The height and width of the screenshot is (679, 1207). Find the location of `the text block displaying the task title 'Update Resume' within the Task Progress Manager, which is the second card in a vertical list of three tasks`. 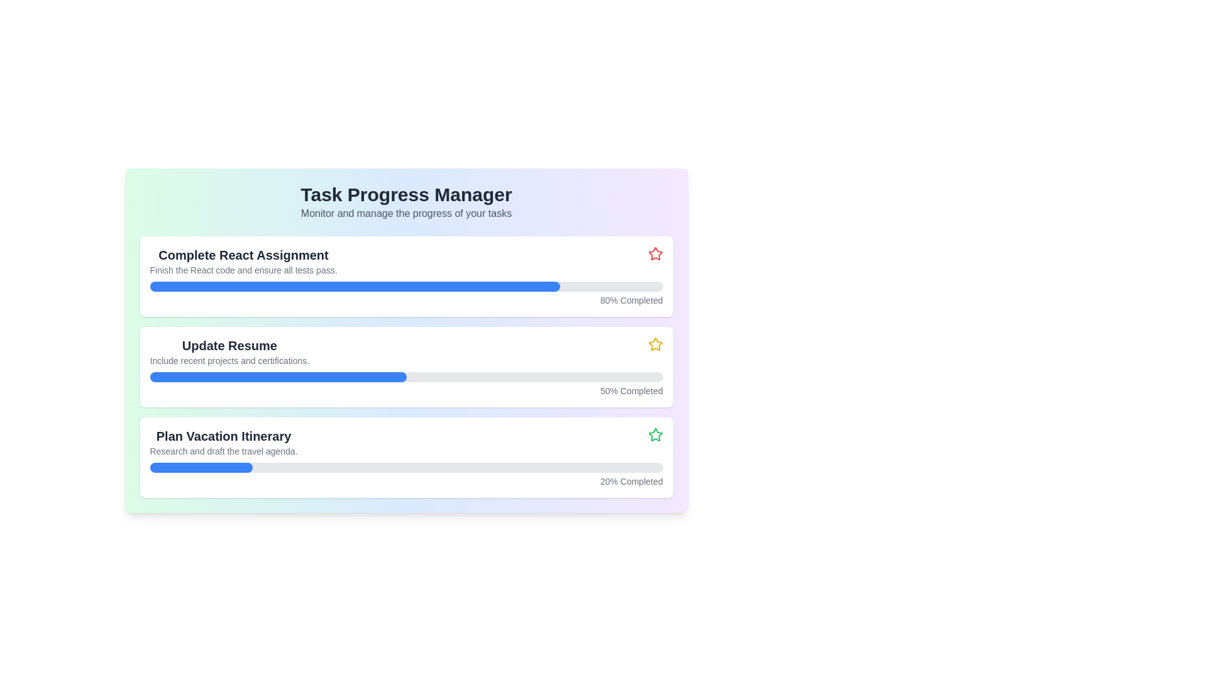

the text block displaying the task title 'Update Resume' within the Task Progress Manager, which is the second card in a vertical list of three tasks is located at coordinates (229, 351).